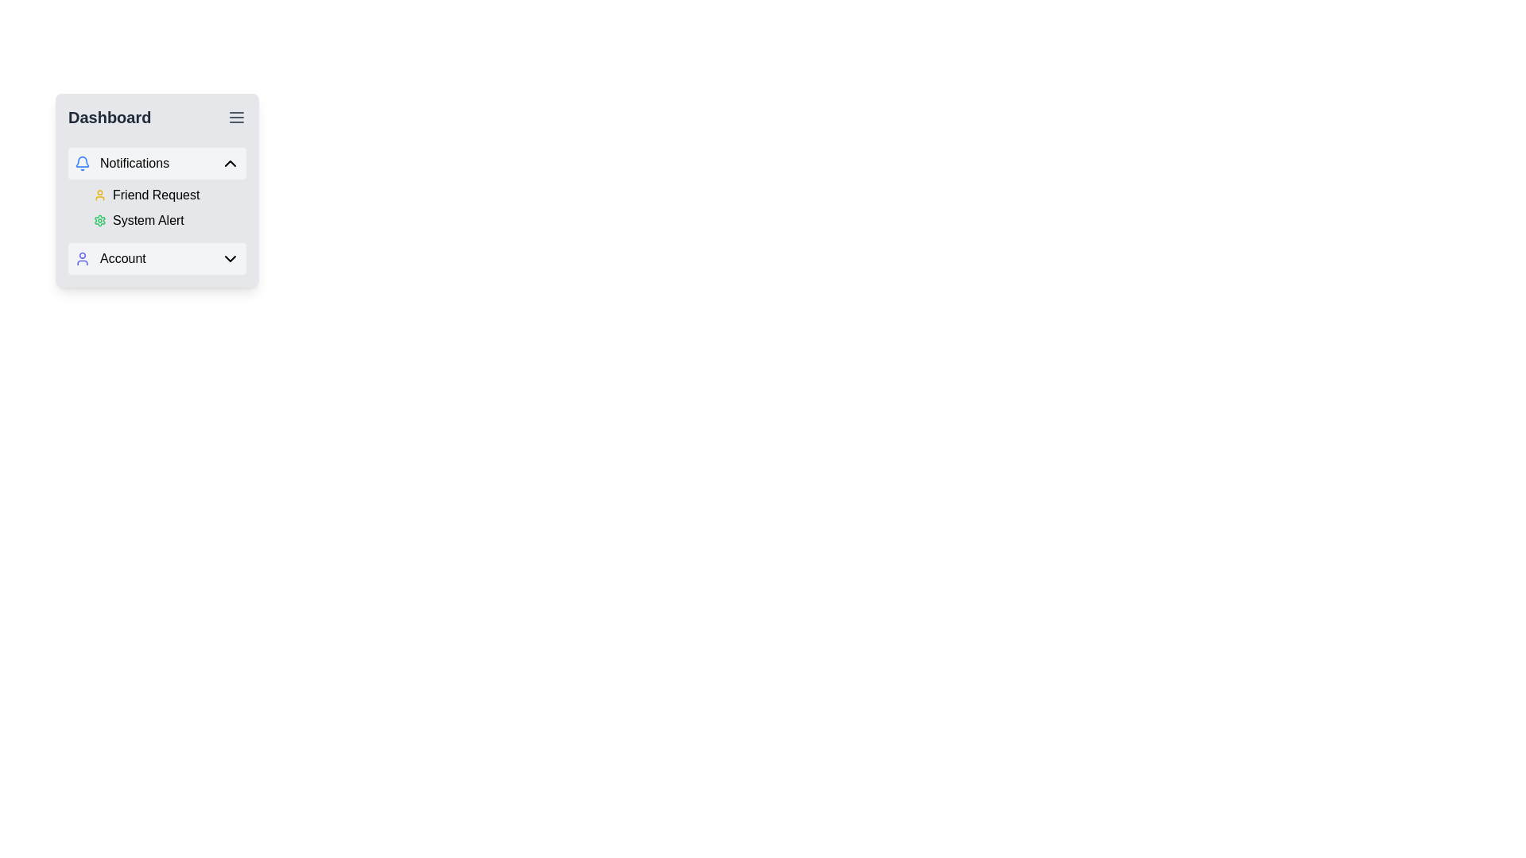  Describe the element at coordinates (229, 163) in the screenshot. I see `the icon on the right side of the 'Notifications' panel header` at that location.